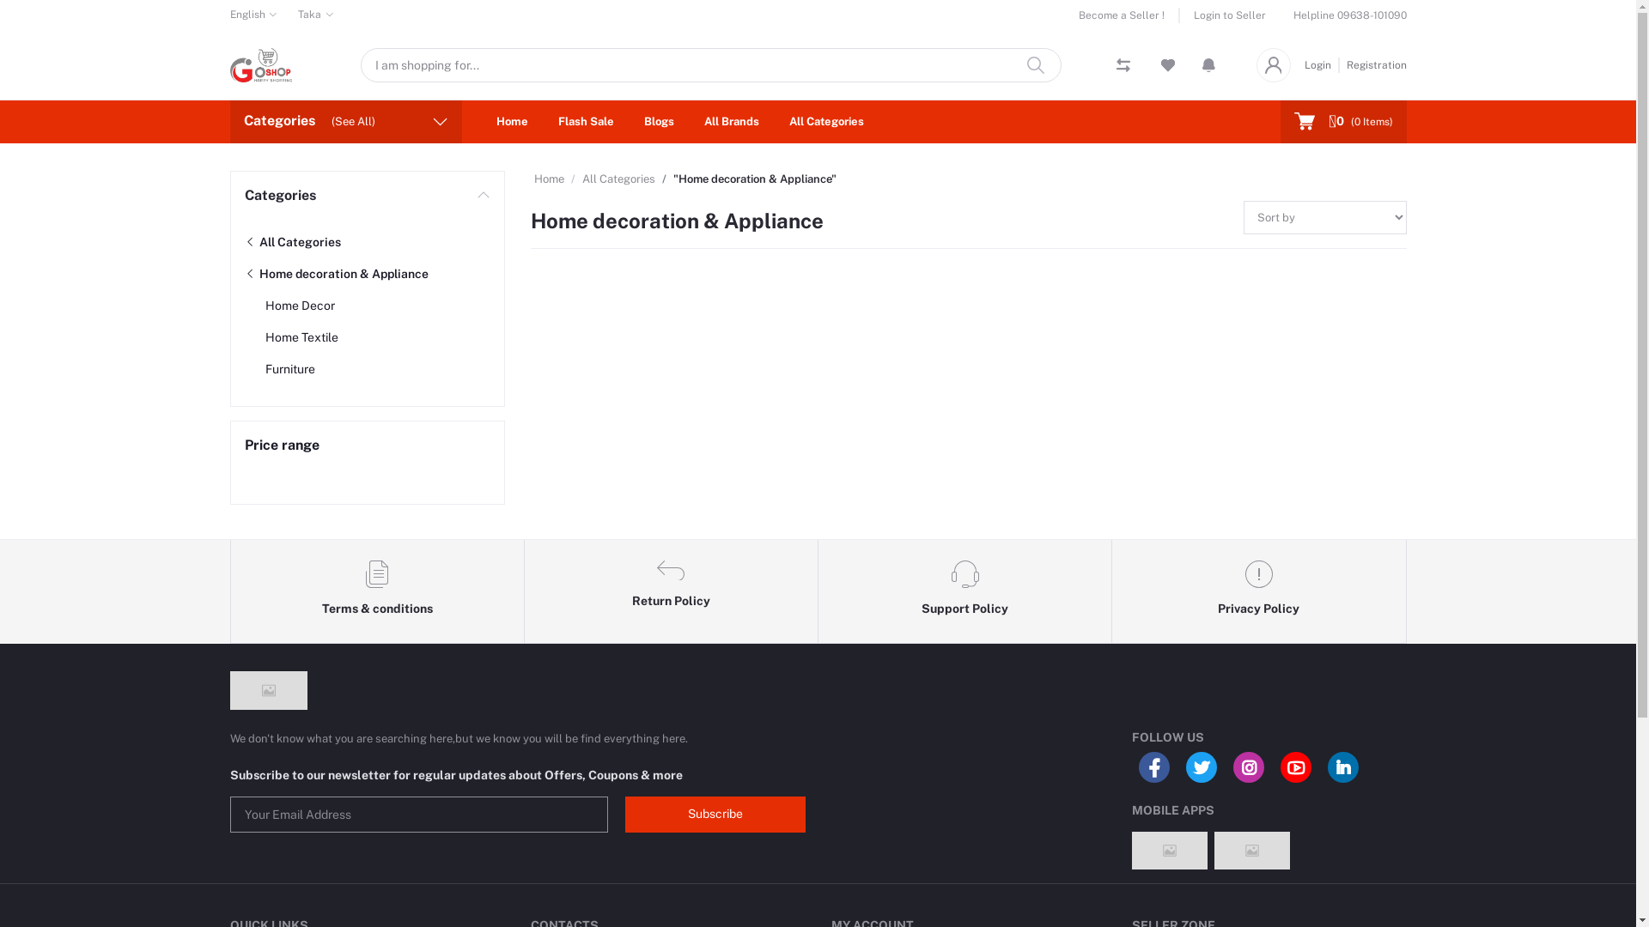  Describe the element at coordinates (1339, 63) in the screenshot. I see `'Registration'` at that location.